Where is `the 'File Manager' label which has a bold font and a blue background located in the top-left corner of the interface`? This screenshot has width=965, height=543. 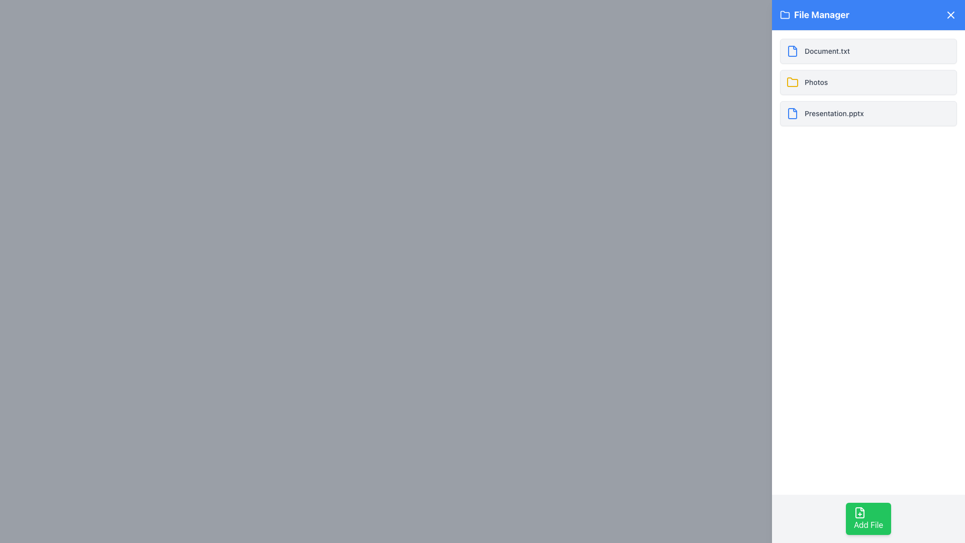 the 'File Manager' label which has a bold font and a blue background located in the top-left corner of the interface is located at coordinates (815, 15).